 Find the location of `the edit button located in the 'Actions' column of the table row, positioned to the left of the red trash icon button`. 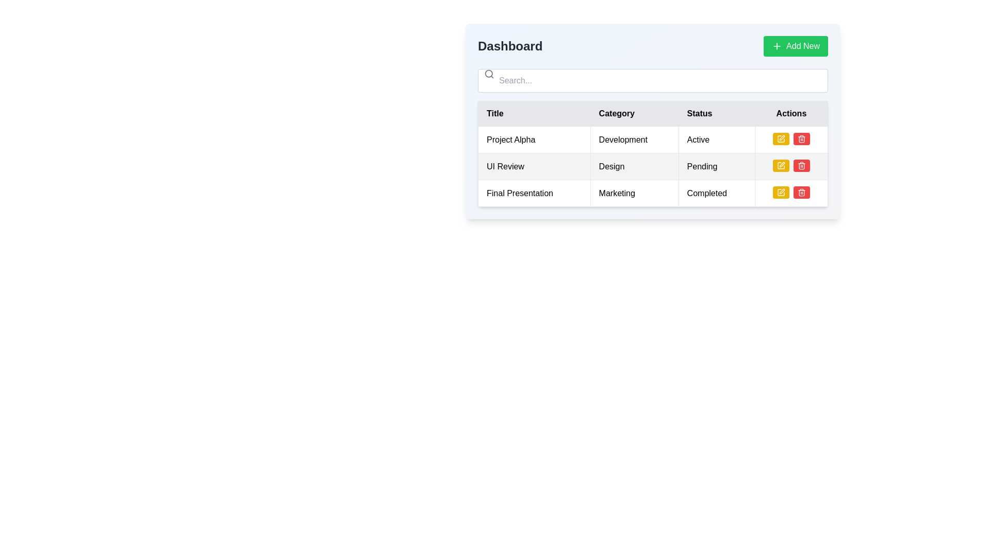

the edit button located in the 'Actions' column of the table row, positioned to the left of the red trash icon button is located at coordinates (781, 193).